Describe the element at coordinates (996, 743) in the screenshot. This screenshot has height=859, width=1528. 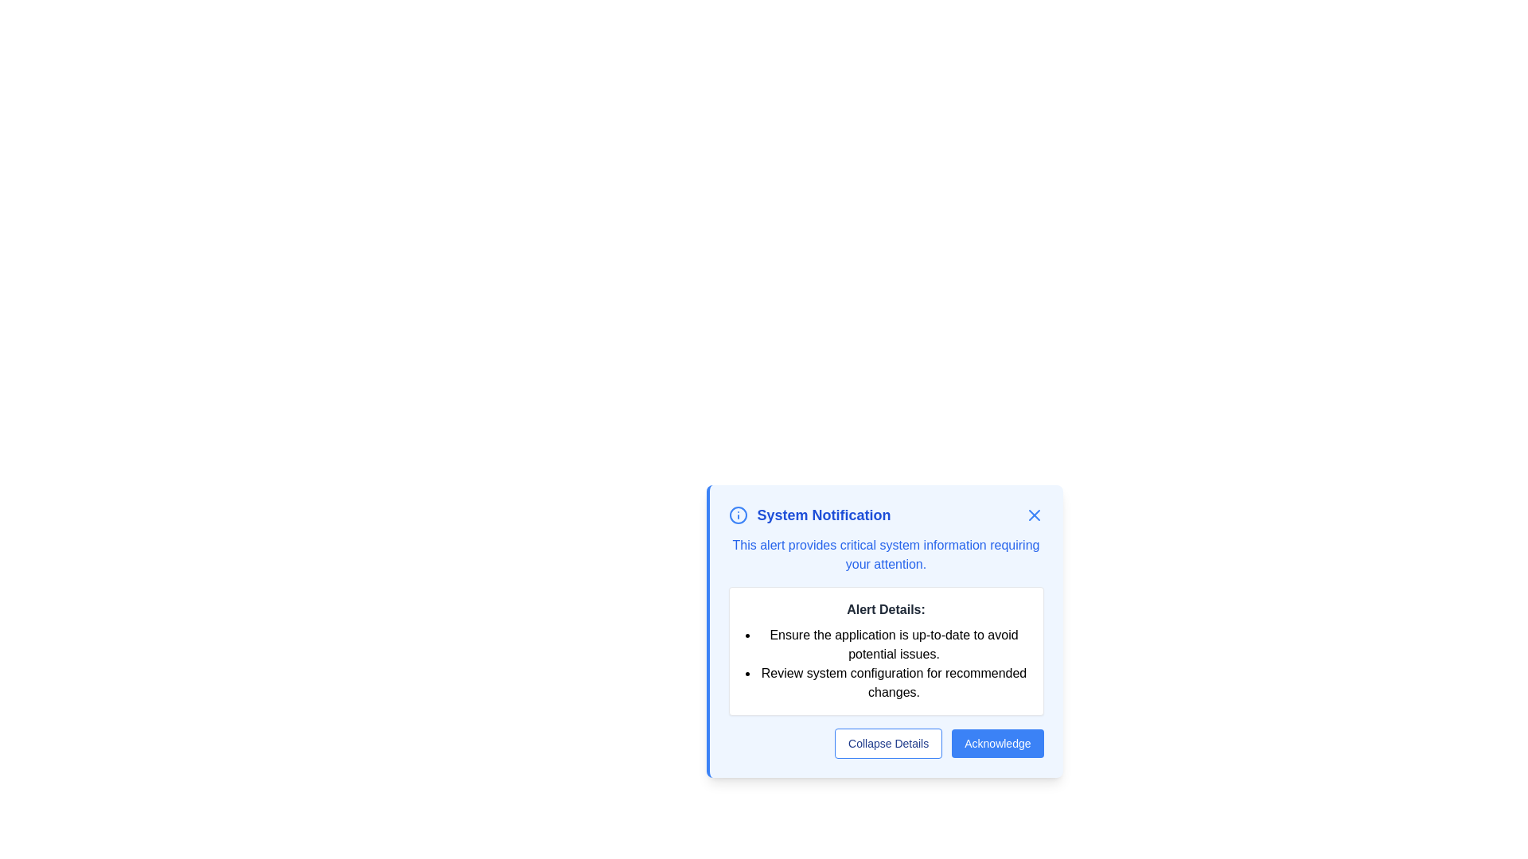
I see `the acknowledgment button located at the bottom-right of the modal dialog, which is the second button to the right of the 'Collapse Details' button` at that location.